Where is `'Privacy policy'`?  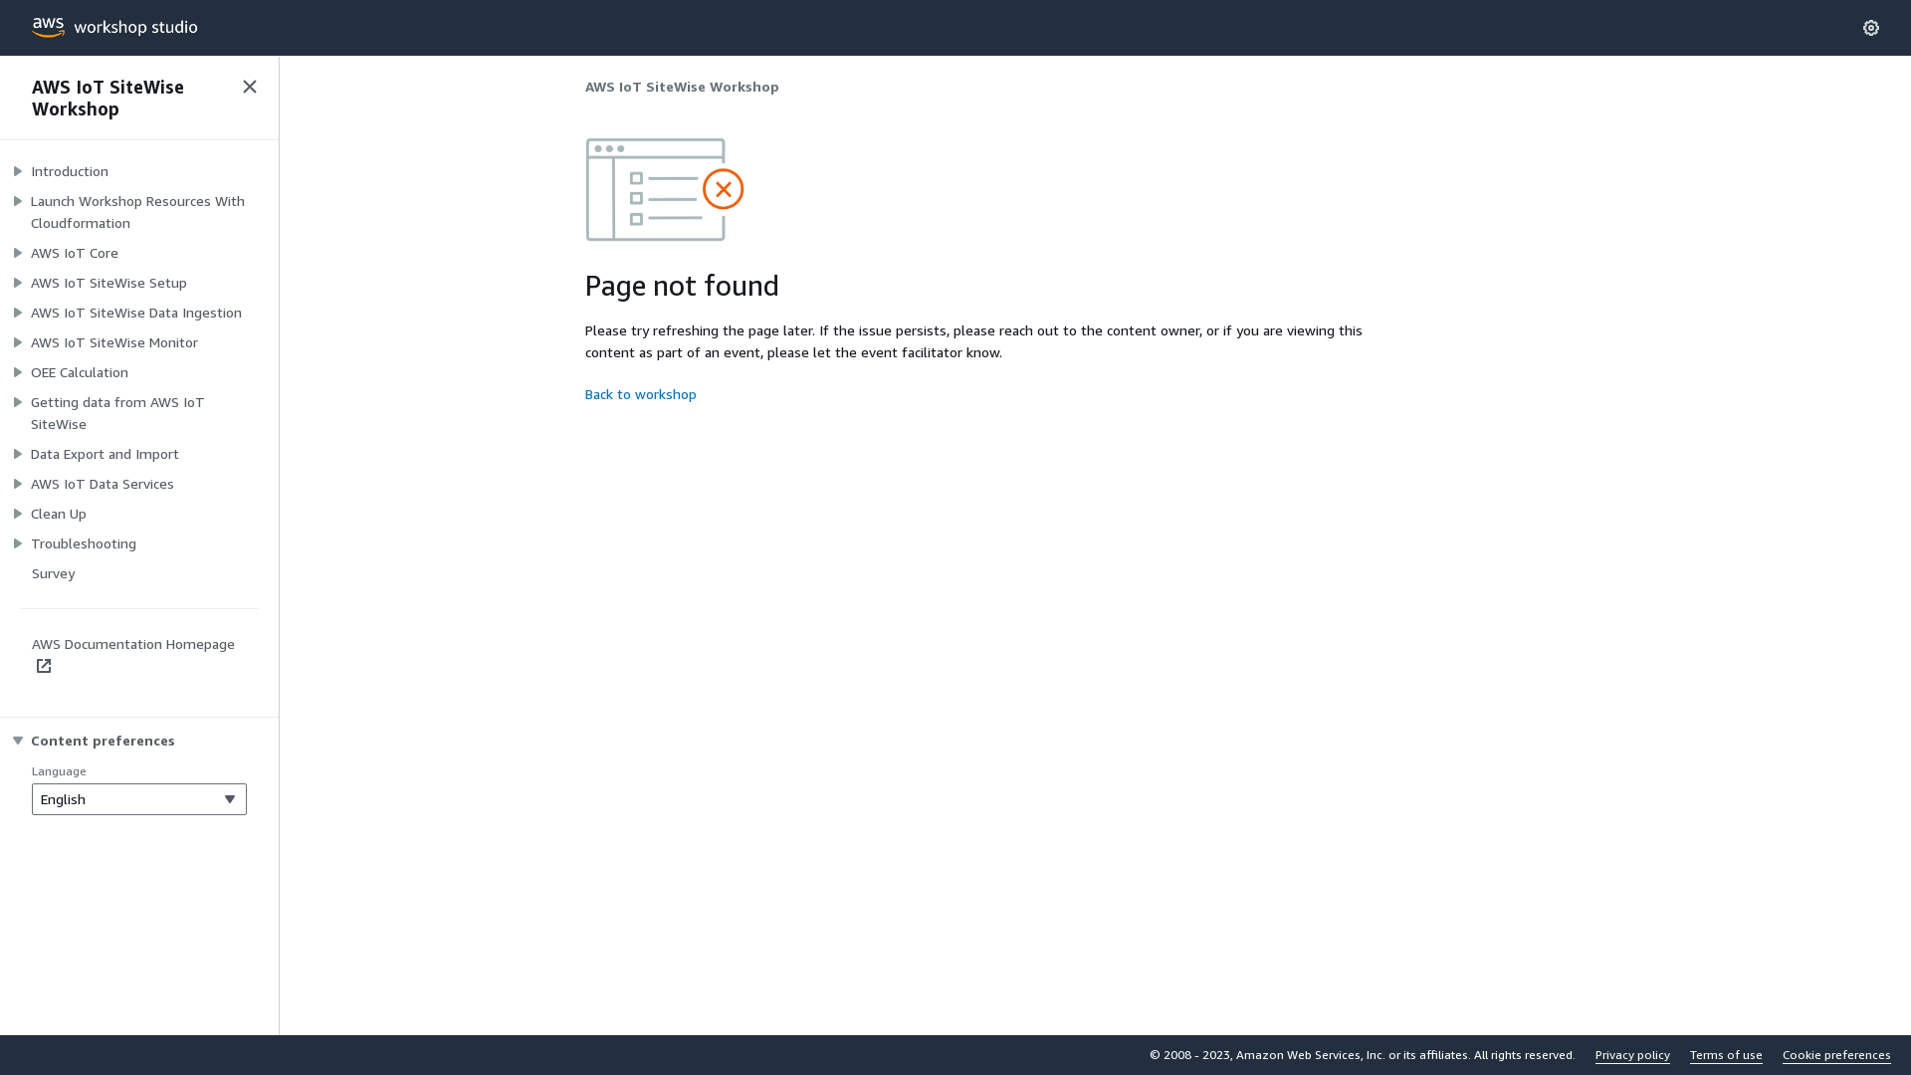 'Privacy policy' is located at coordinates (1595, 1054).